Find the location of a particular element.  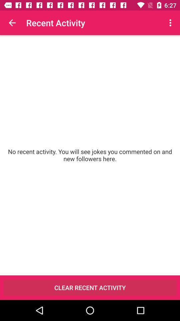

the item above no recent activity item is located at coordinates (12, 23).